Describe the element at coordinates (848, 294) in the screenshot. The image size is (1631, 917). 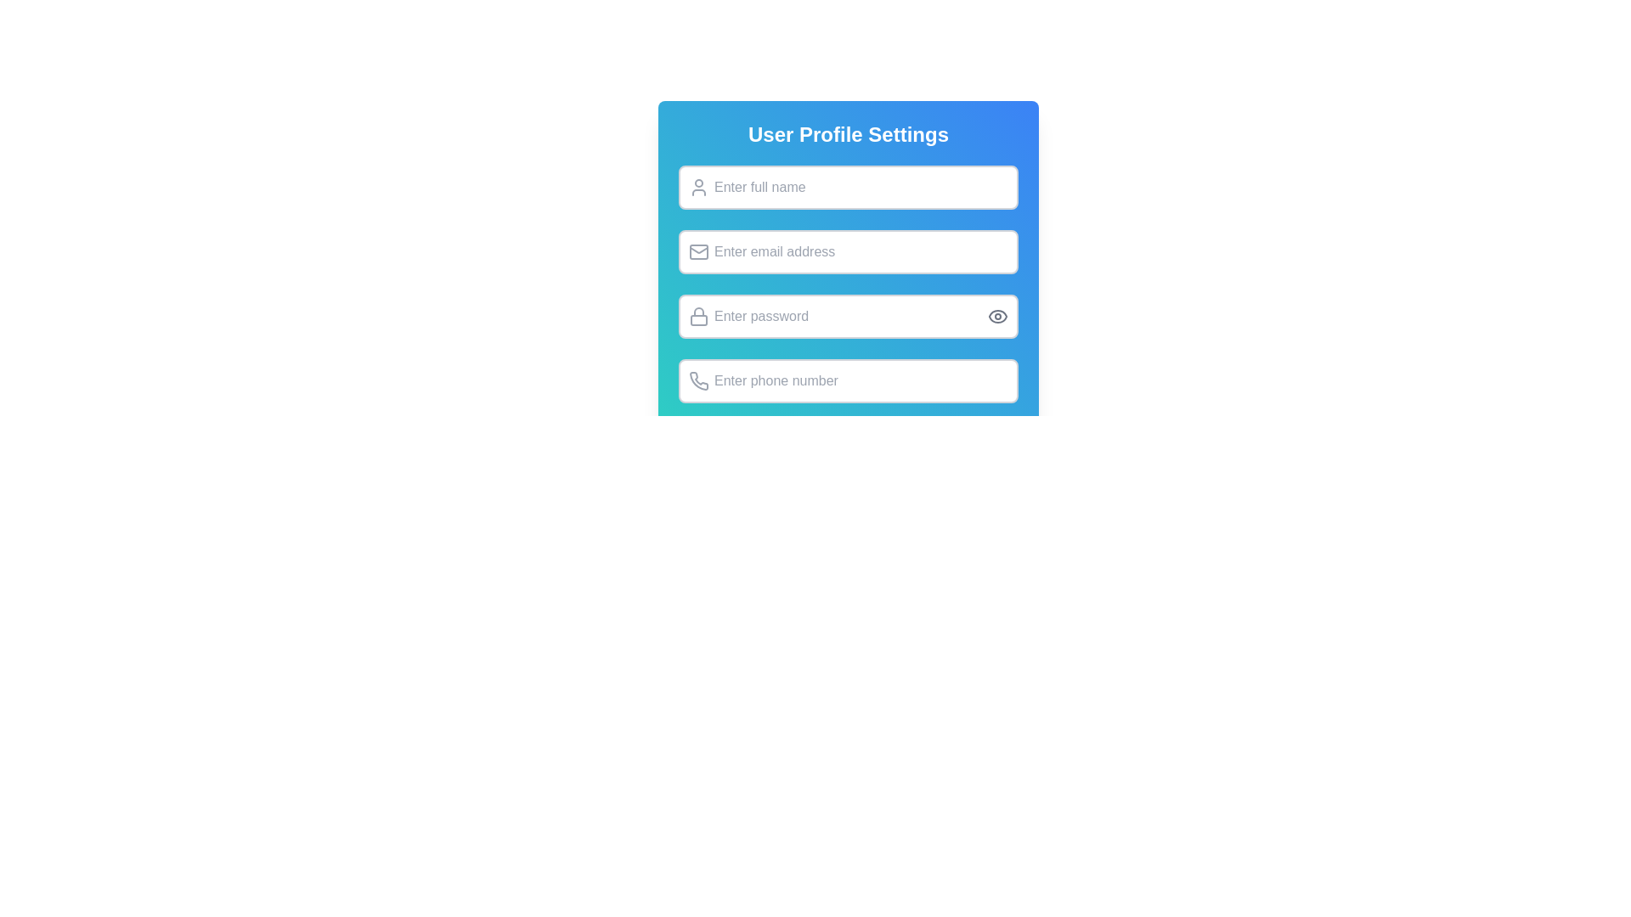
I see `the password input field to focus and begin typing, which is the third input field in the vertical arrangement of form fields on the card` at that location.